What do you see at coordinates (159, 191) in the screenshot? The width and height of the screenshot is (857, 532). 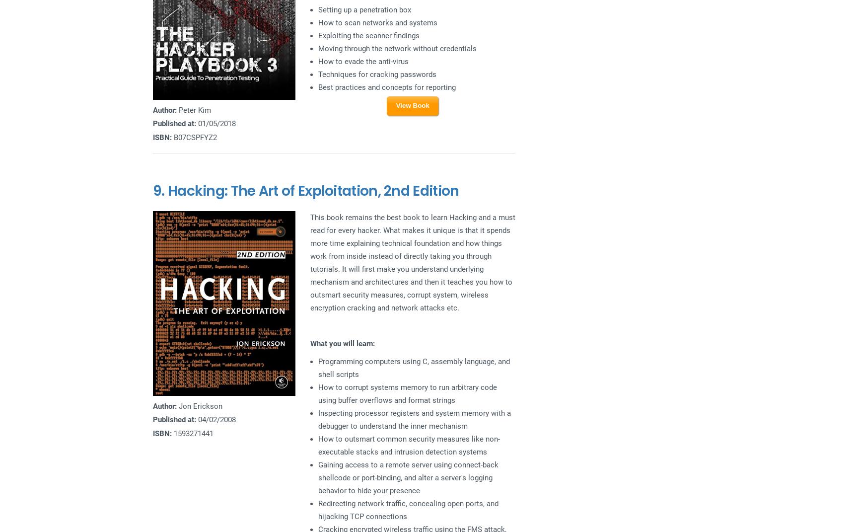 I see `'9.'` at bounding box center [159, 191].